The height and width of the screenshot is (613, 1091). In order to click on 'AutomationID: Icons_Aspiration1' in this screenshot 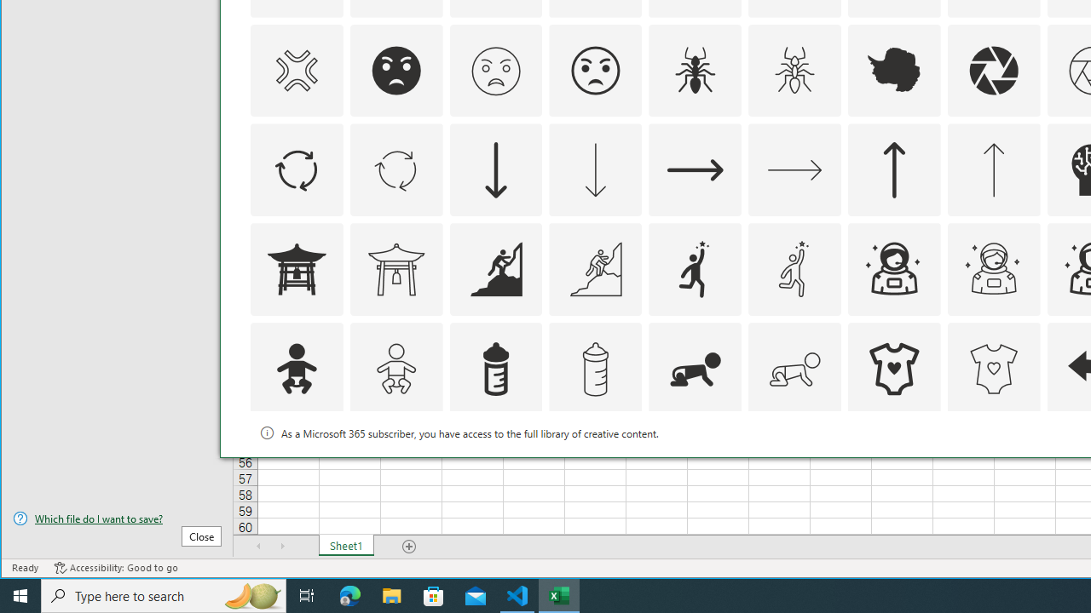, I will do `click(696, 268)`.